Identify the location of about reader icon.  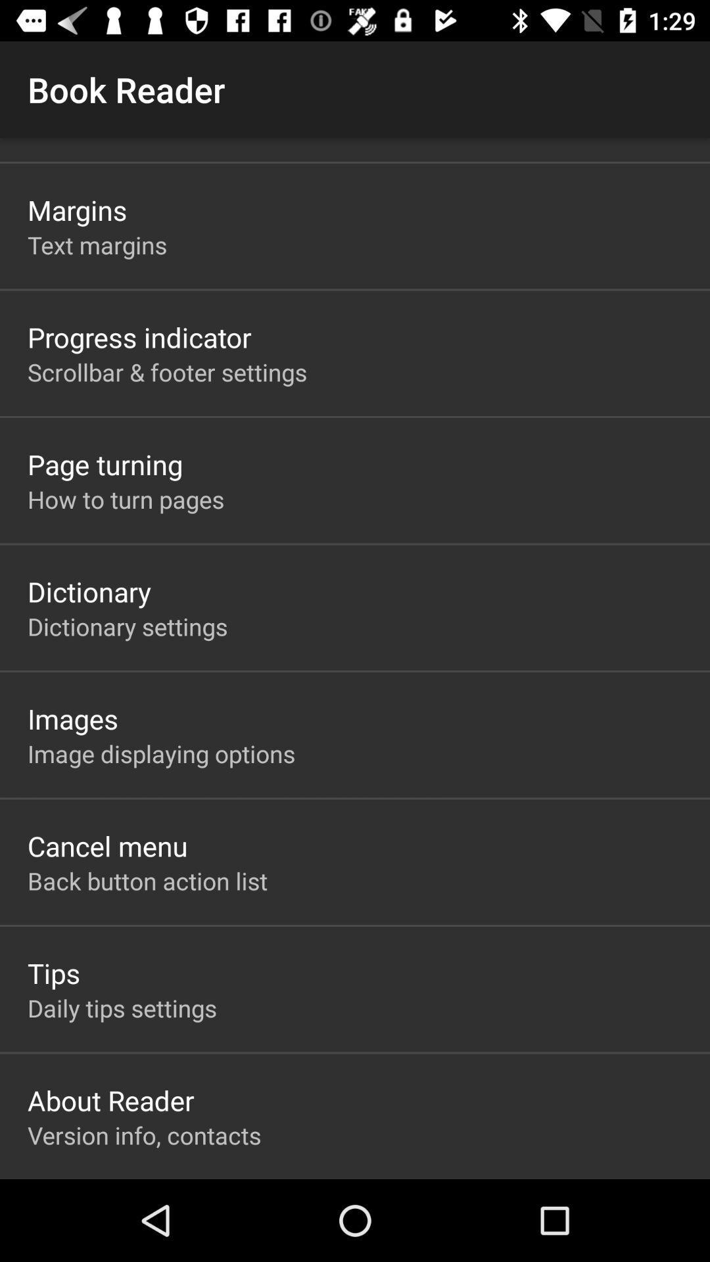
(110, 1100).